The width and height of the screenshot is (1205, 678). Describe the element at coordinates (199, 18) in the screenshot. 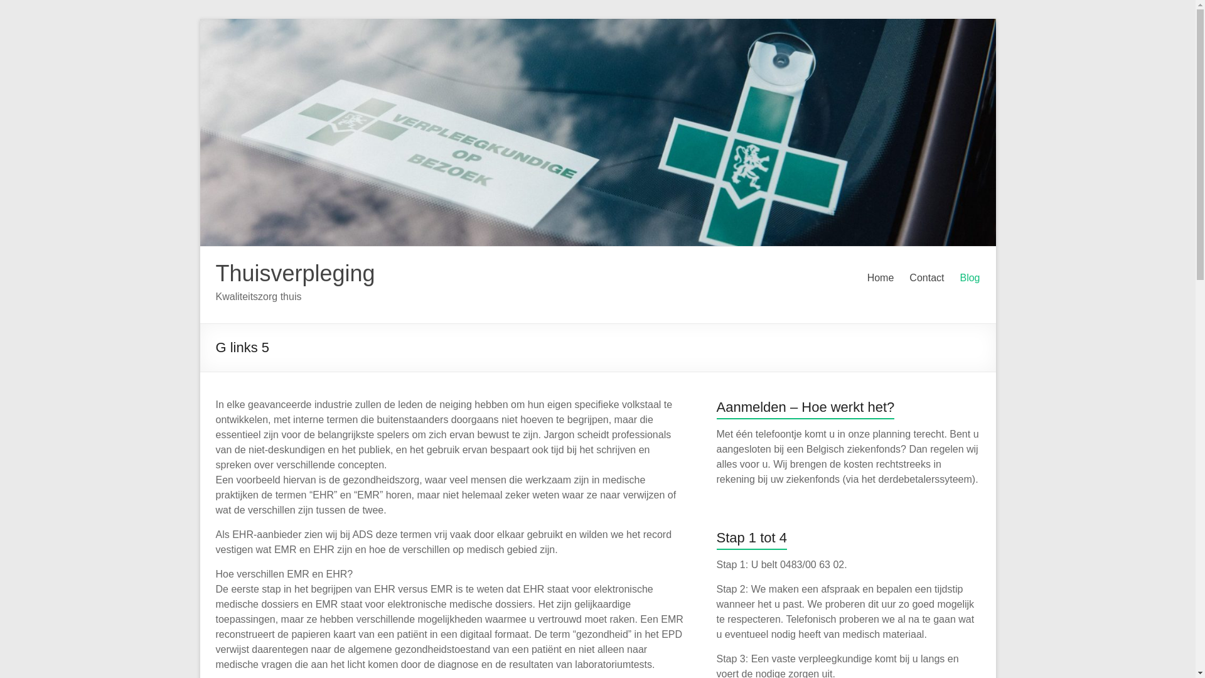

I see `'Ga naar inhoud'` at that location.